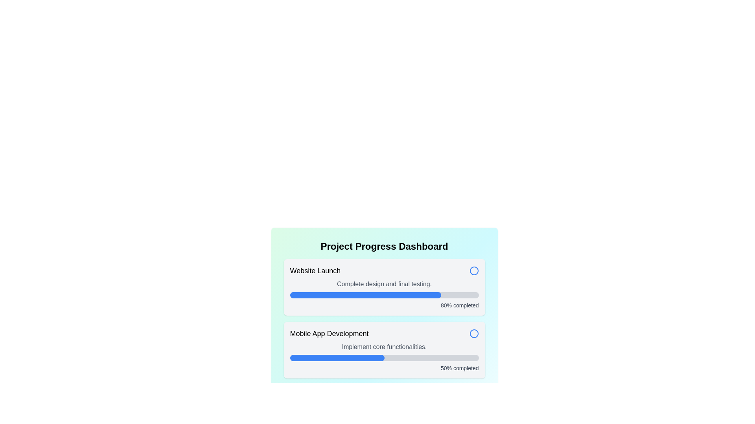 The width and height of the screenshot is (755, 424). What do you see at coordinates (384, 284) in the screenshot?
I see `the static text reading 'Complete design and final testing.' located in the second row under the 'Website Launch' section` at bounding box center [384, 284].